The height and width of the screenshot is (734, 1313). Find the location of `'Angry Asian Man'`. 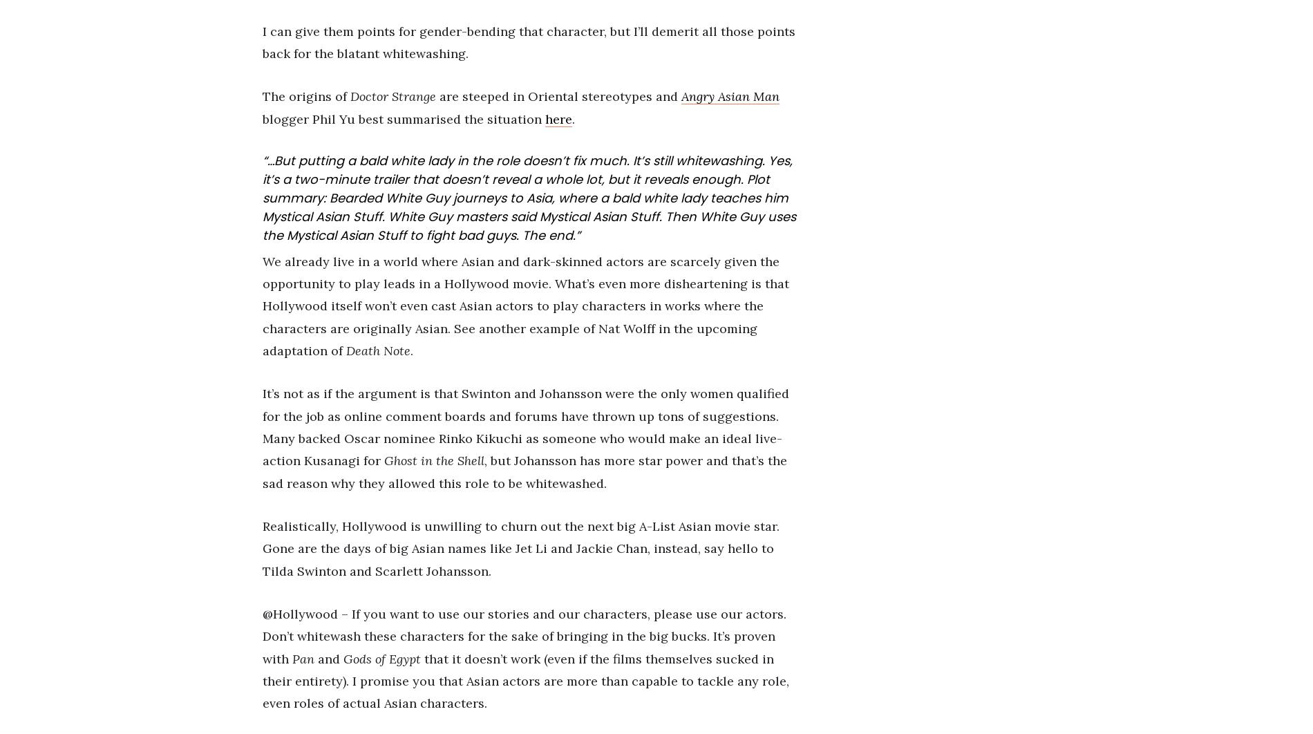

'Angry Asian Man' is located at coordinates (681, 96).